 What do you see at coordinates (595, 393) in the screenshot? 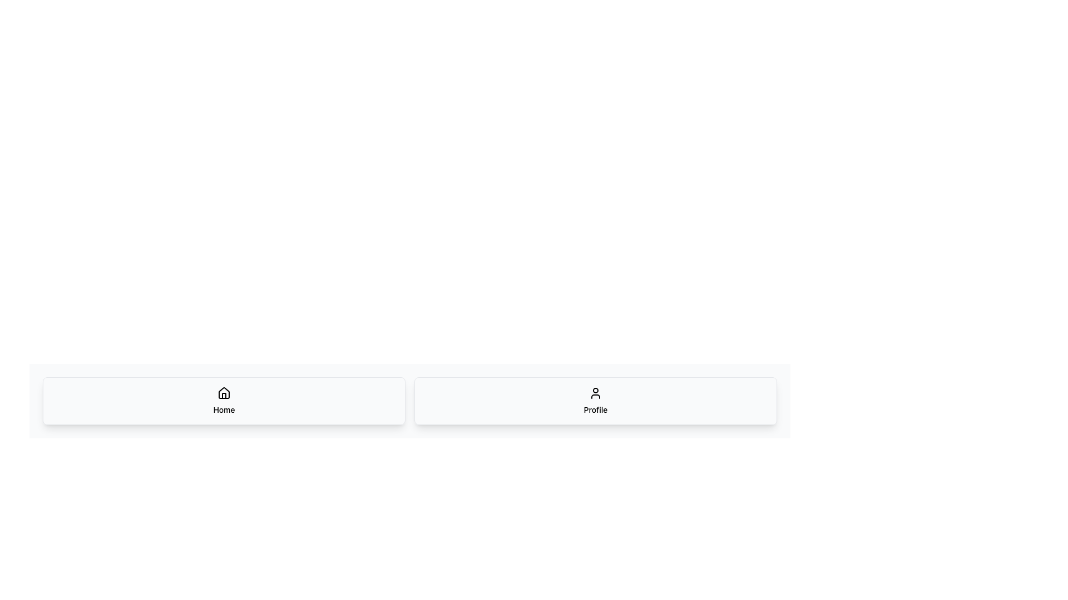
I see `the user icon graphic located above the 'Profile' text label, which features a circular head and torso-like shape, indicating the Profile section` at bounding box center [595, 393].